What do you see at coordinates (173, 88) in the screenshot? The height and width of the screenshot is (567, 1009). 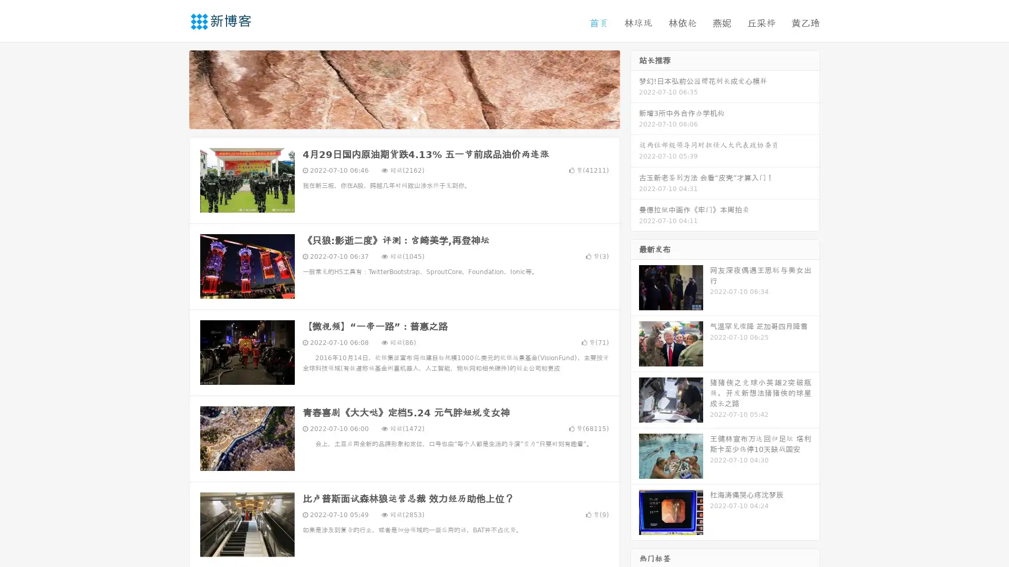 I see `Previous slide` at bounding box center [173, 88].